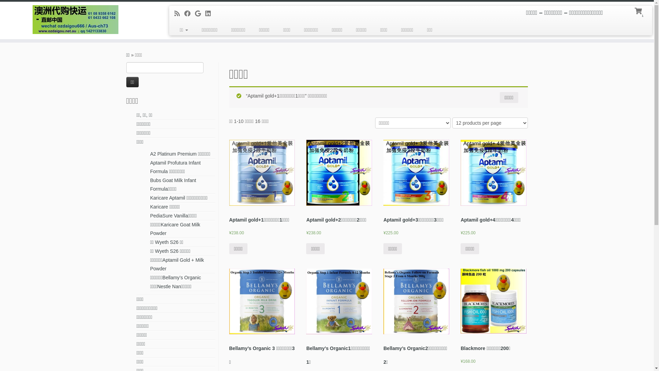 This screenshot has height=371, width=659. Describe the element at coordinates (189, 13) in the screenshot. I see `'Follow me on Facebook'` at that location.